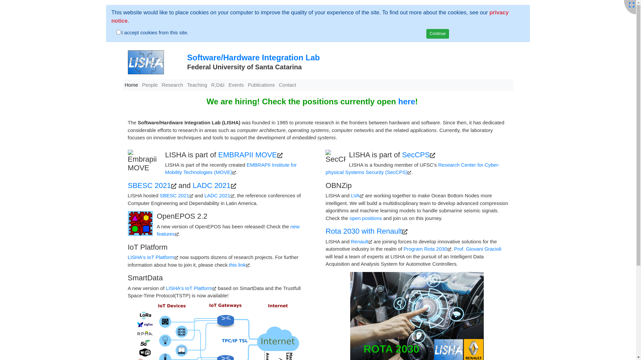  What do you see at coordinates (631, 5) in the screenshot?
I see `'Fullscreen'` at bounding box center [631, 5].